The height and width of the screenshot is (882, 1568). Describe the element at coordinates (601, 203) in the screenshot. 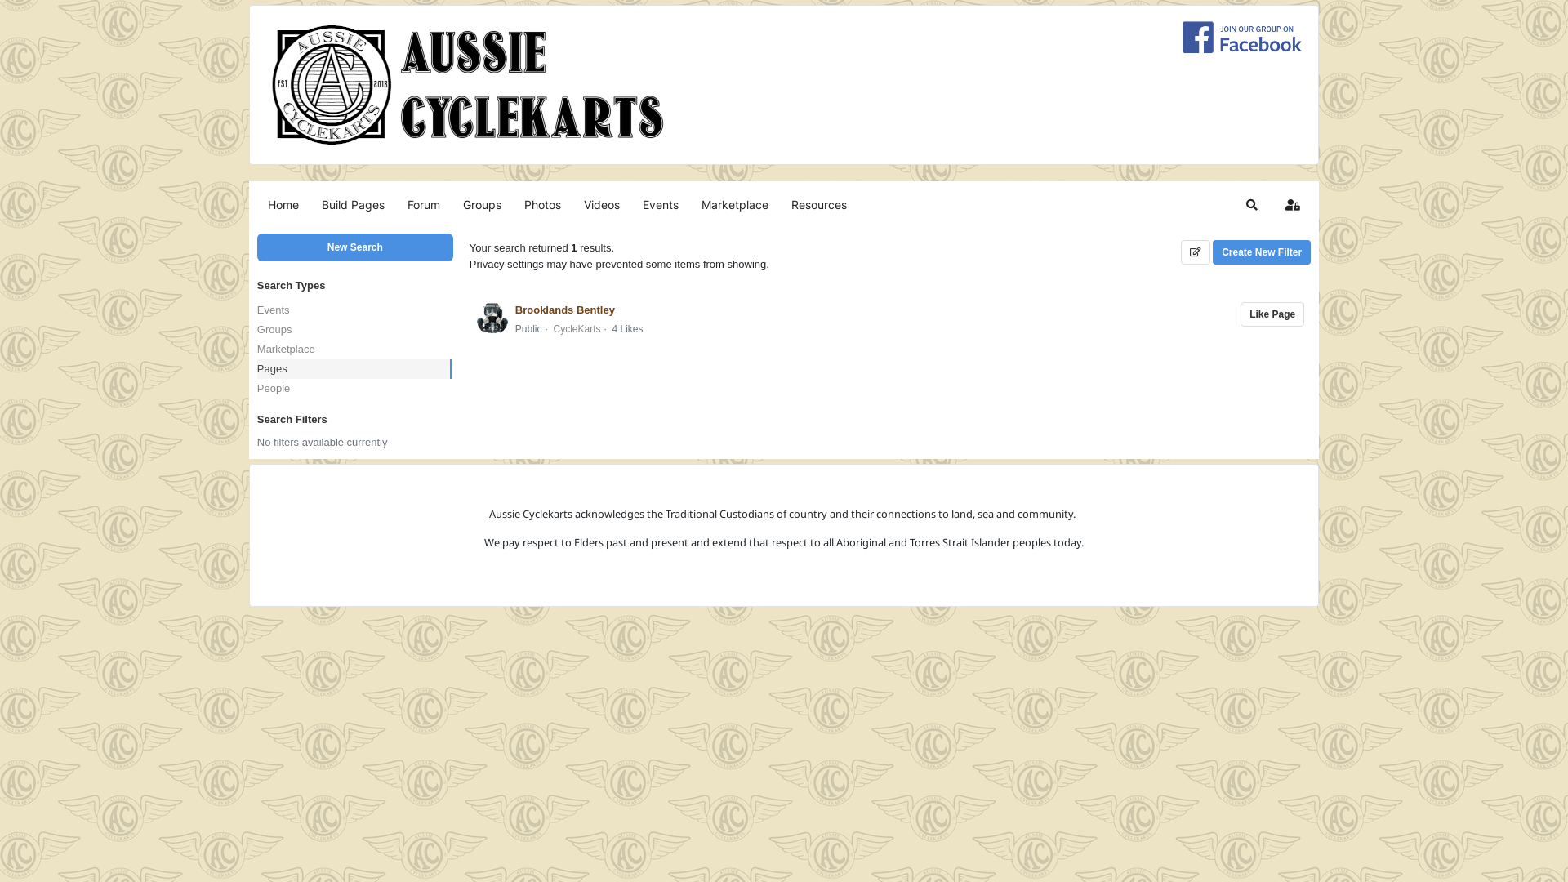

I see `'Videos'` at that location.